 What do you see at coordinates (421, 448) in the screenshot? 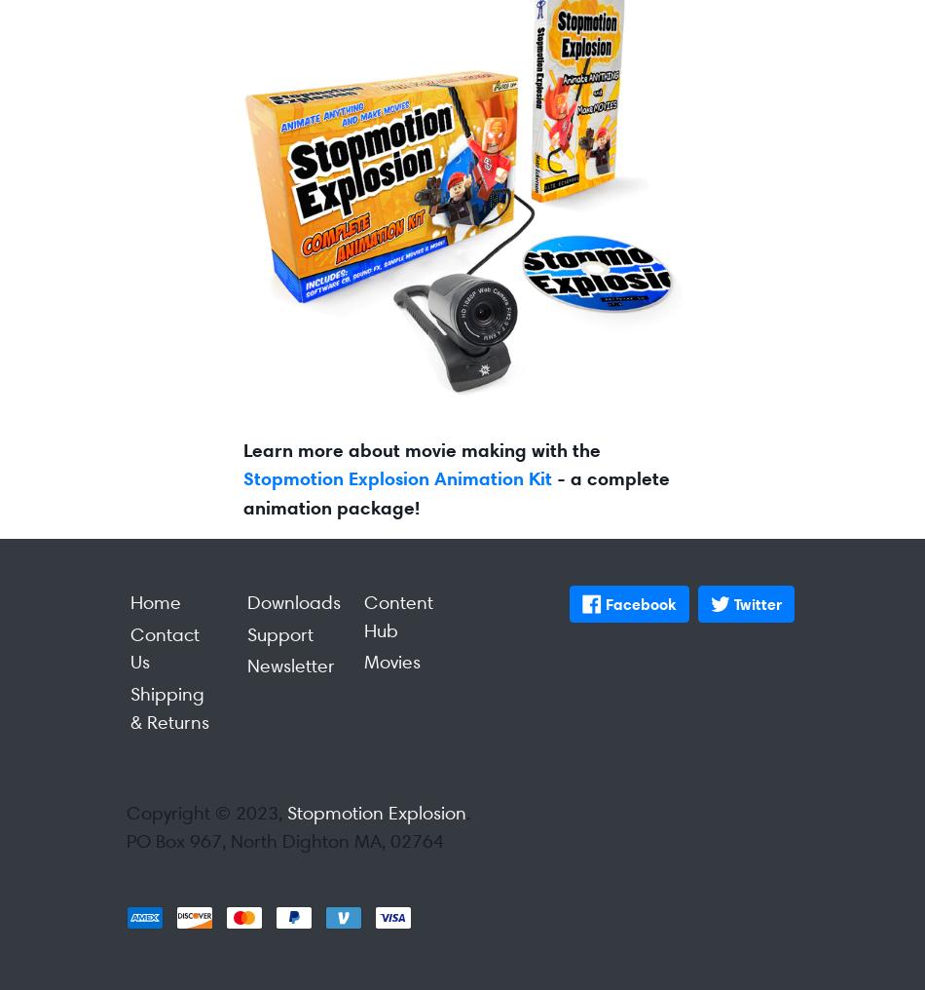
I see `'Learn more about movie making with the'` at bounding box center [421, 448].